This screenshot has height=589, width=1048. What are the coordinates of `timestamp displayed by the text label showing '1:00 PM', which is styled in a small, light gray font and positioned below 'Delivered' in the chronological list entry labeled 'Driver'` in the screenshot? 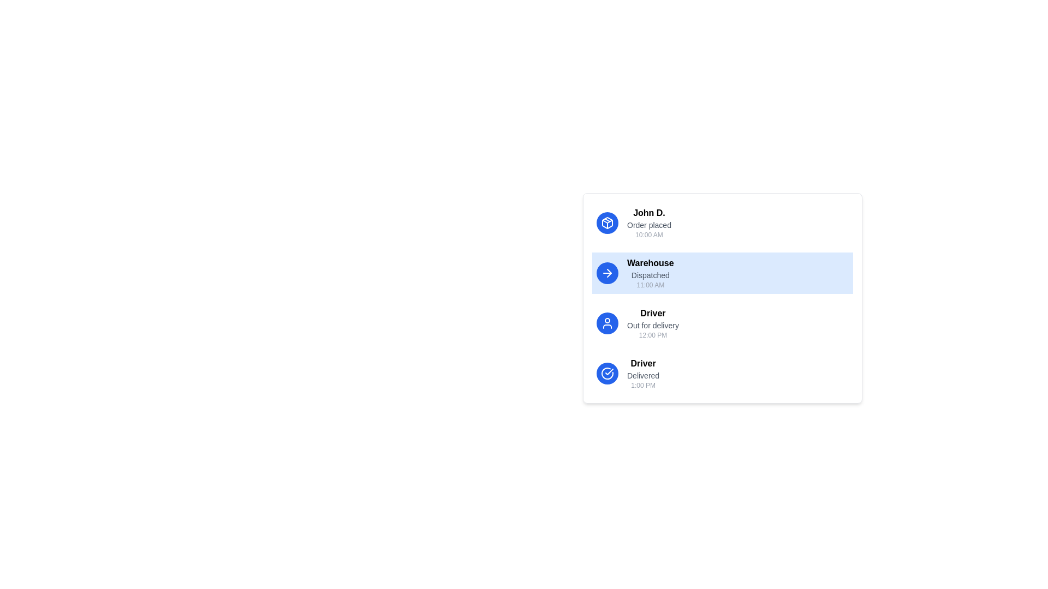 It's located at (643, 384).